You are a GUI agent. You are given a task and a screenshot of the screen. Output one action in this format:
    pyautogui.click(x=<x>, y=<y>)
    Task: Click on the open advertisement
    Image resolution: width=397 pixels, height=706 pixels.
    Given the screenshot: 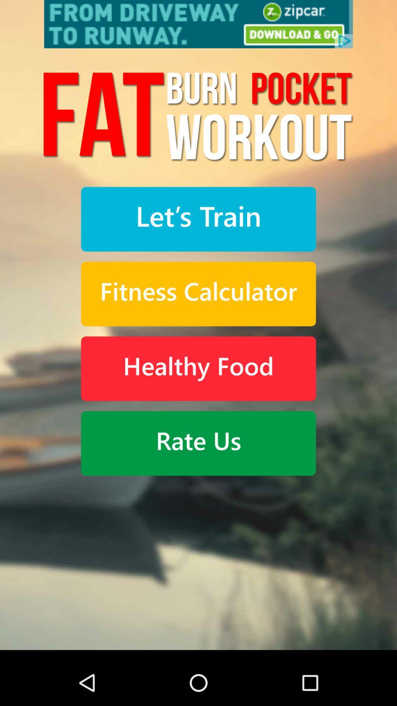 What is the action you would take?
    pyautogui.click(x=198, y=24)
    